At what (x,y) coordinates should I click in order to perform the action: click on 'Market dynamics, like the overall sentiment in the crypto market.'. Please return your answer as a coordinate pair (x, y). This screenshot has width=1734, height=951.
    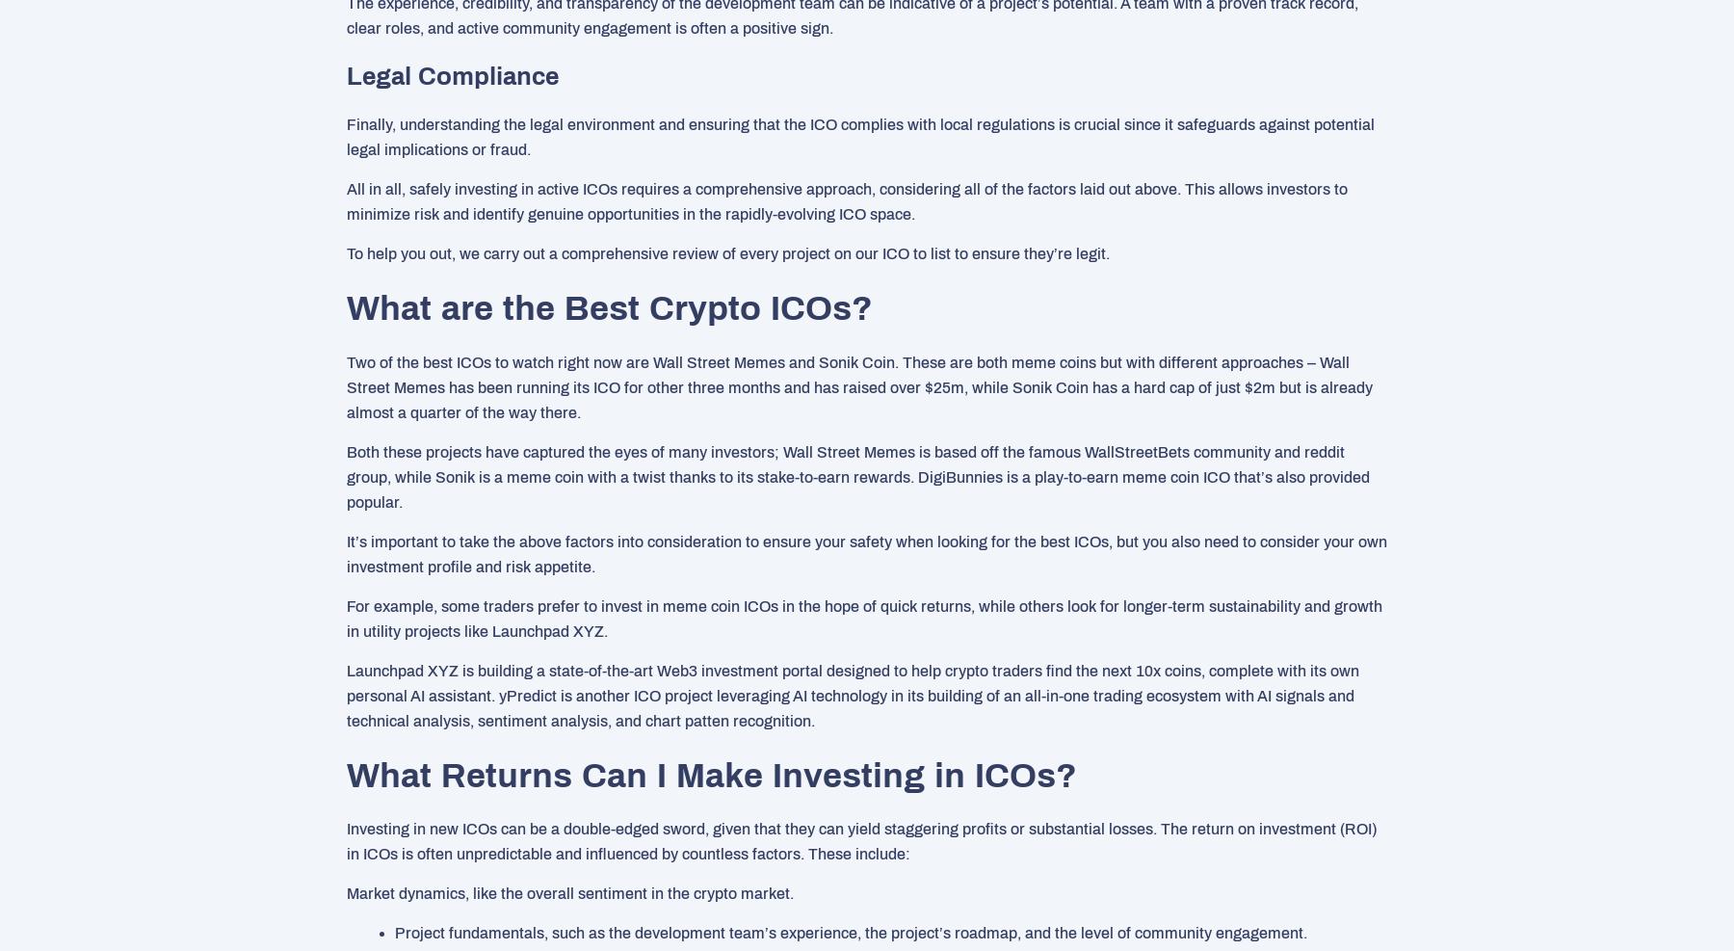
    Looking at the image, I should click on (570, 893).